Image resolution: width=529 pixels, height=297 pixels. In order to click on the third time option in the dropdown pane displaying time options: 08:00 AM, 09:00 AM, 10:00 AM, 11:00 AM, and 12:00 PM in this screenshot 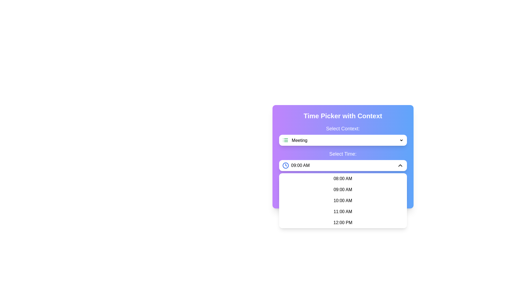, I will do `click(342, 200)`.